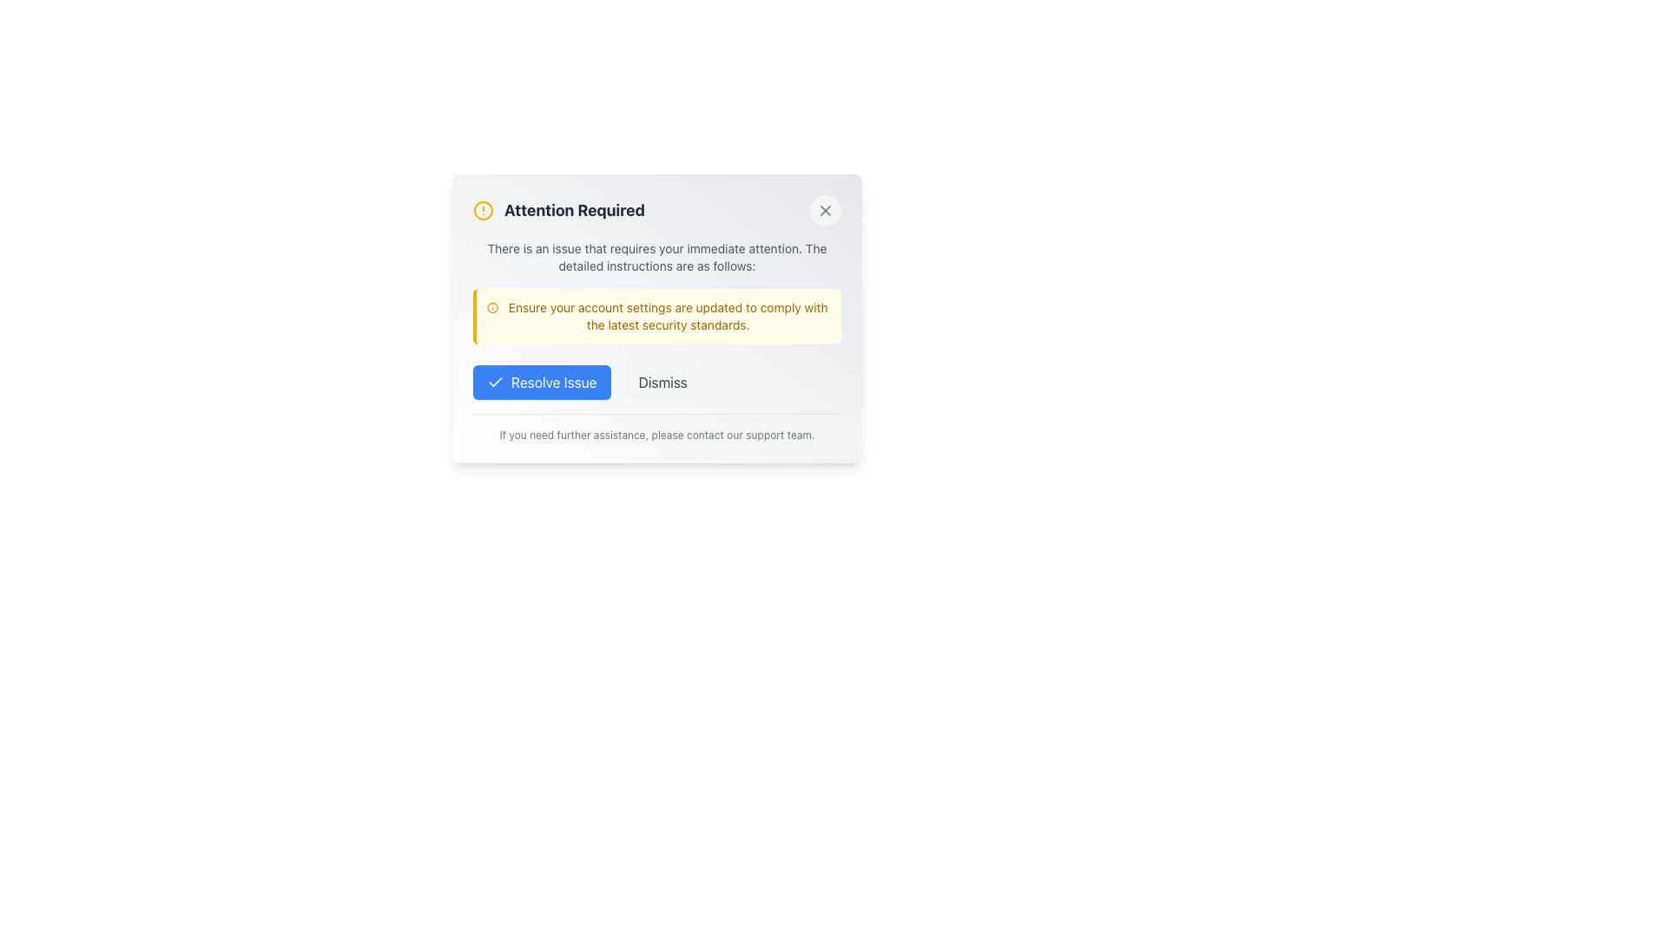 The image size is (1667, 937). Describe the element at coordinates (657, 317) in the screenshot. I see `the Informational Text Block that conveys account security warnings, located centrally in the modal dialog below the heading 'Attention Required'` at that location.